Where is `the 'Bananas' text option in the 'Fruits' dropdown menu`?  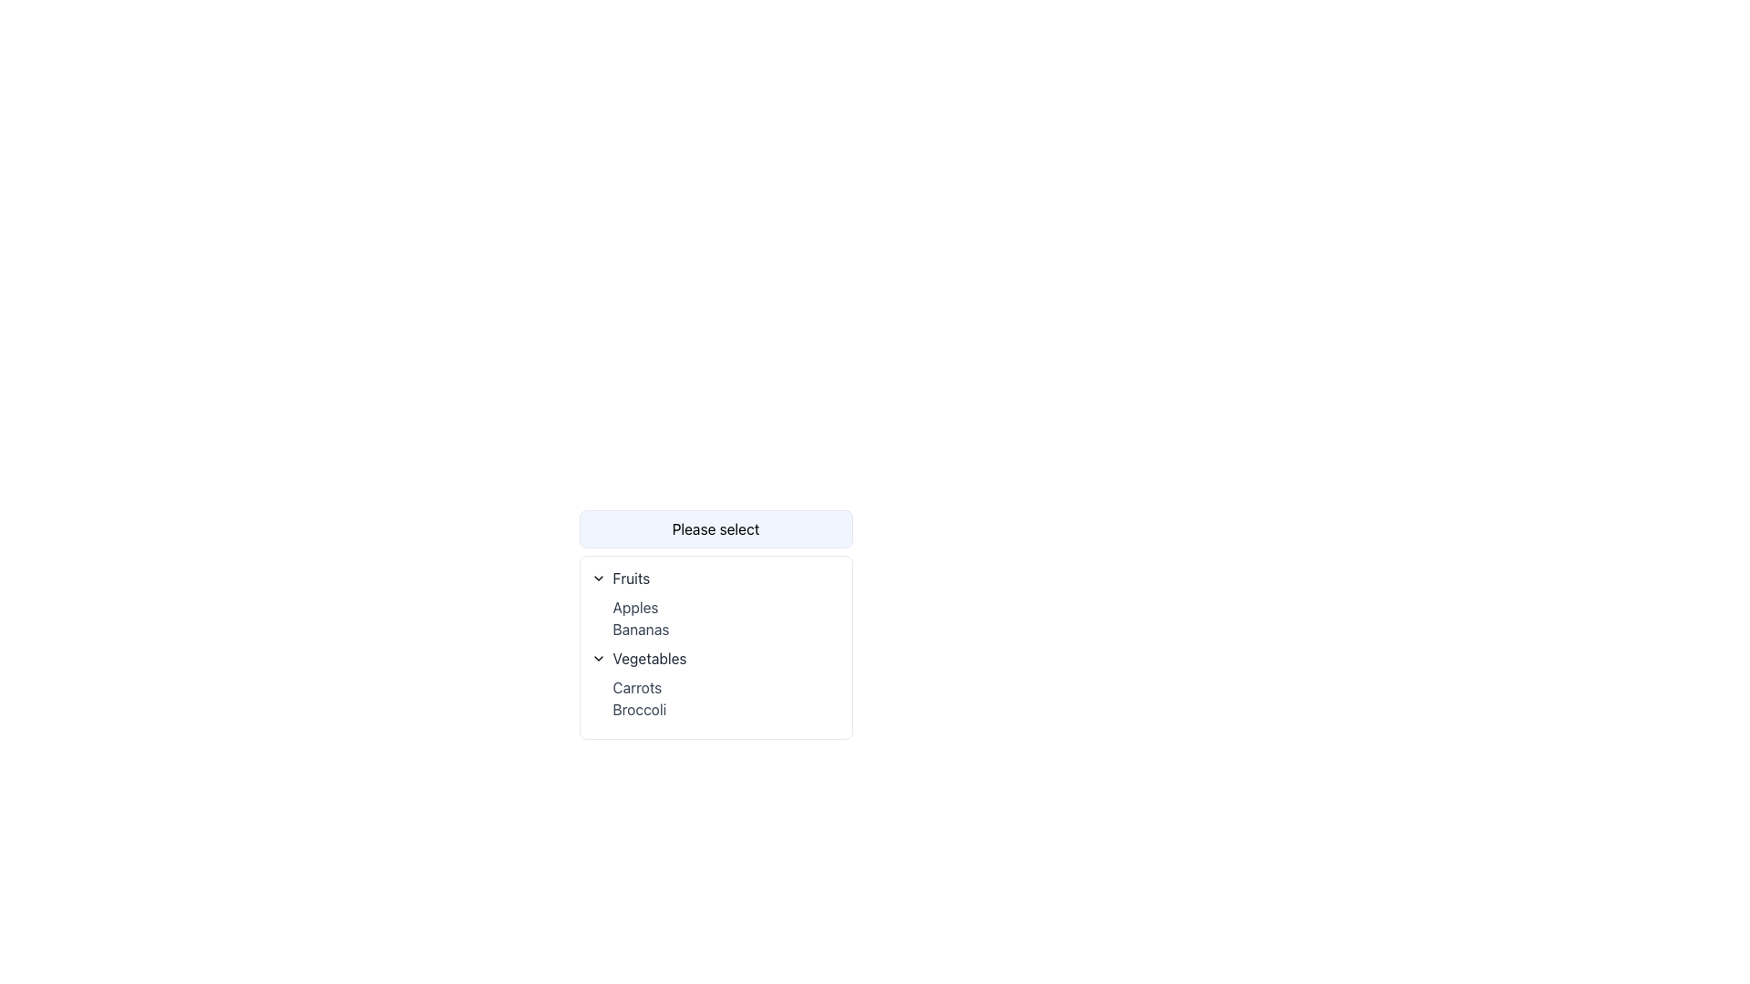 the 'Bananas' text option in the 'Fruits' dropdown menu is located at coordinates (641, 628).